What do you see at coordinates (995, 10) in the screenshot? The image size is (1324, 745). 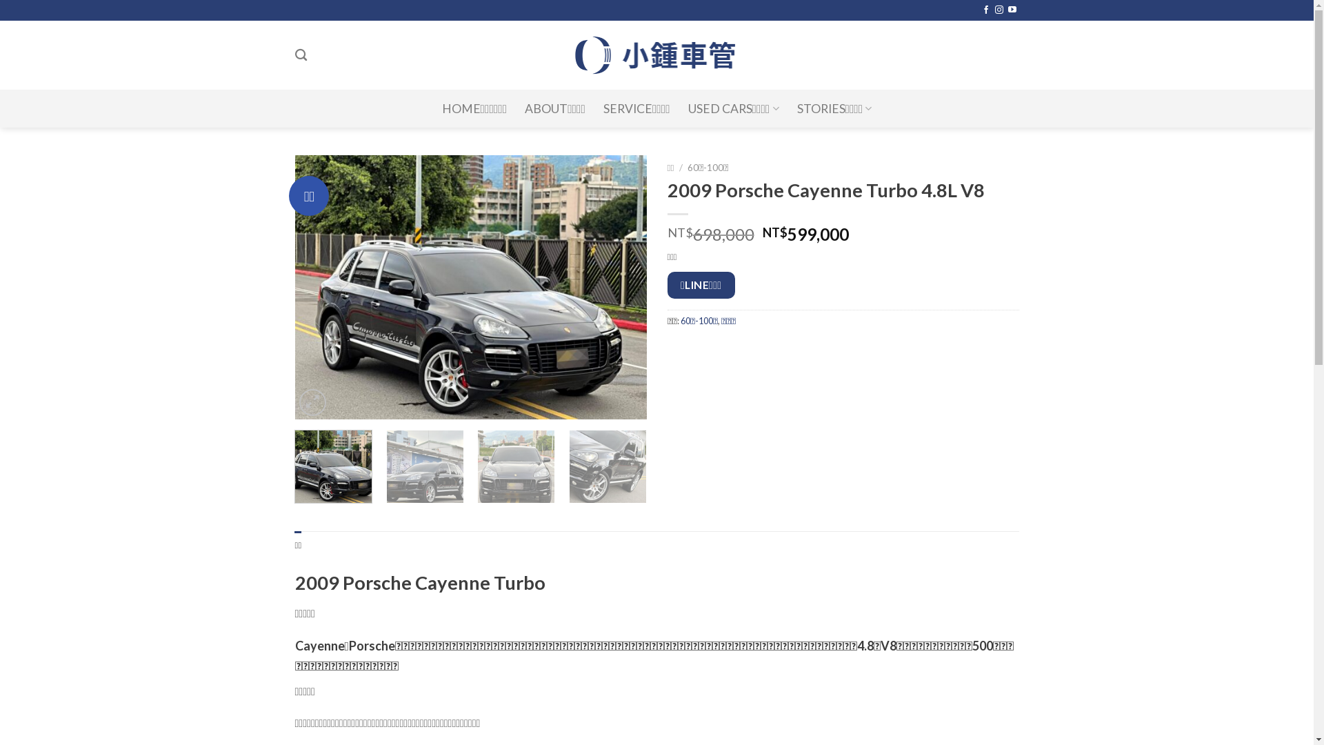 I see `'Follow on Instagram'` at bounding box center [995, 10].